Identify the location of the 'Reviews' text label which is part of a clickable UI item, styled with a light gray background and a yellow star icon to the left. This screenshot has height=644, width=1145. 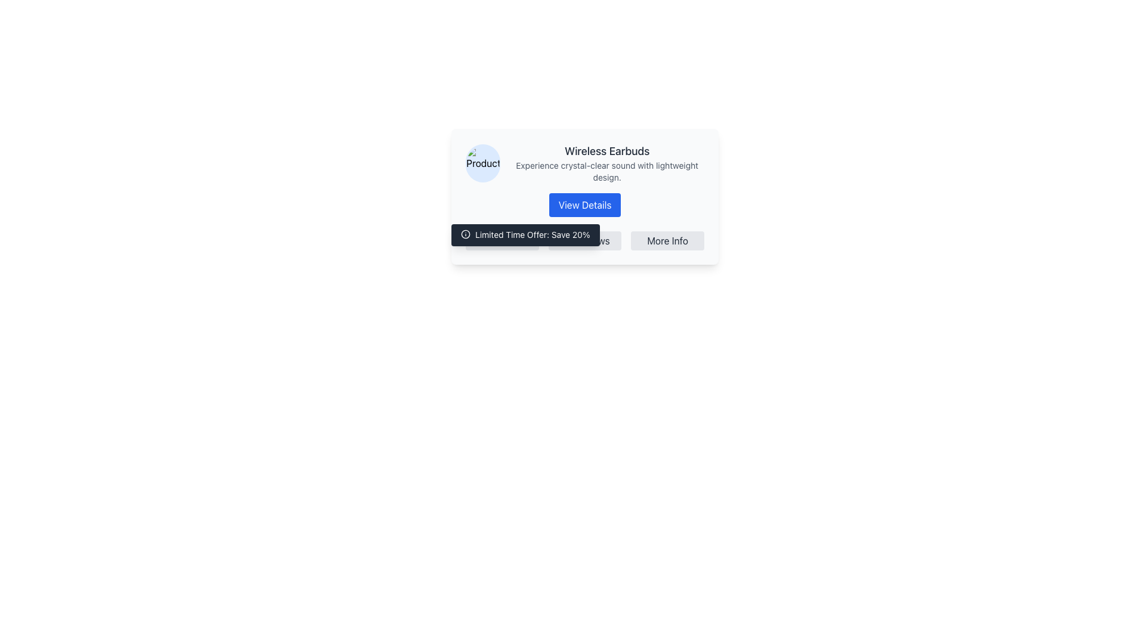
(592, 241).